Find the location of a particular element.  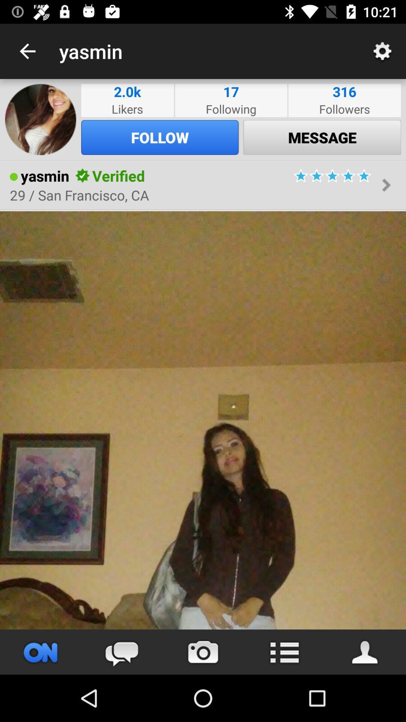

click photo is located at coordinates (203, 420).